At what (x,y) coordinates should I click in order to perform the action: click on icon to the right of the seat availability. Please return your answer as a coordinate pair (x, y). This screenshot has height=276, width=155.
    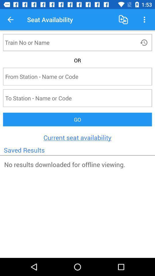
    Looking at the image, I should click on (123, 20).